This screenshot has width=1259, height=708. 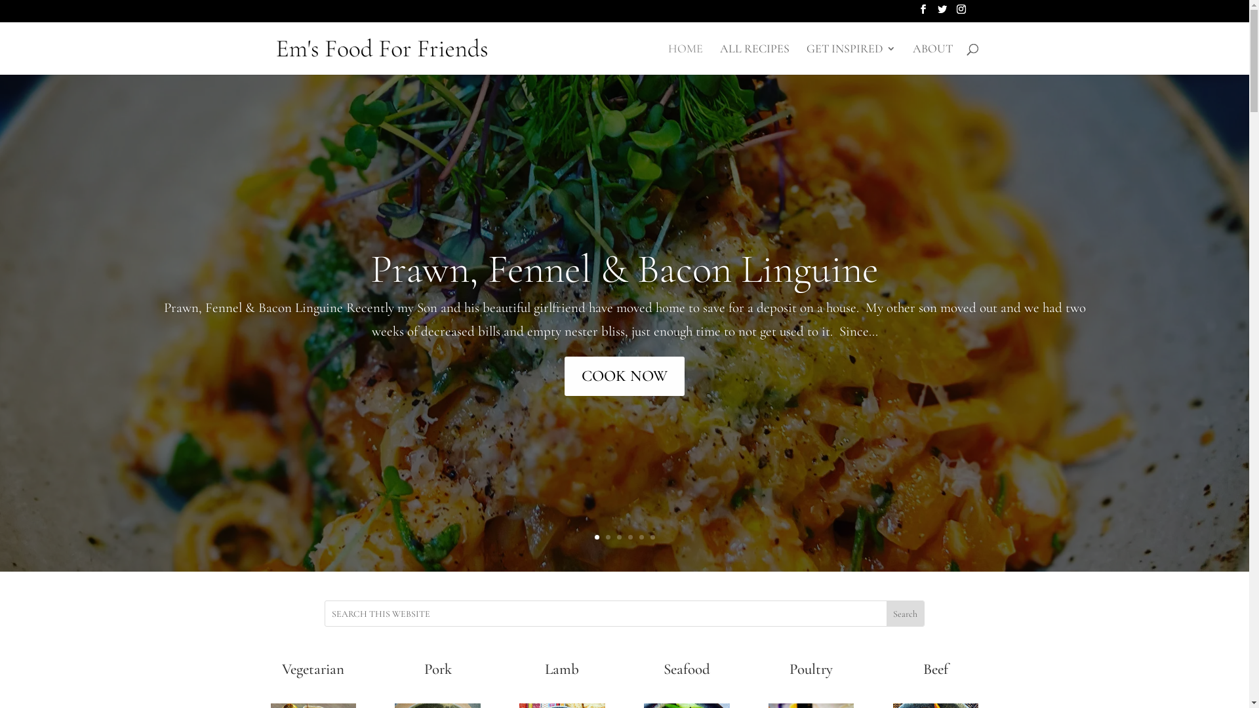 I want to click on '1', so click(x=595, y=537).